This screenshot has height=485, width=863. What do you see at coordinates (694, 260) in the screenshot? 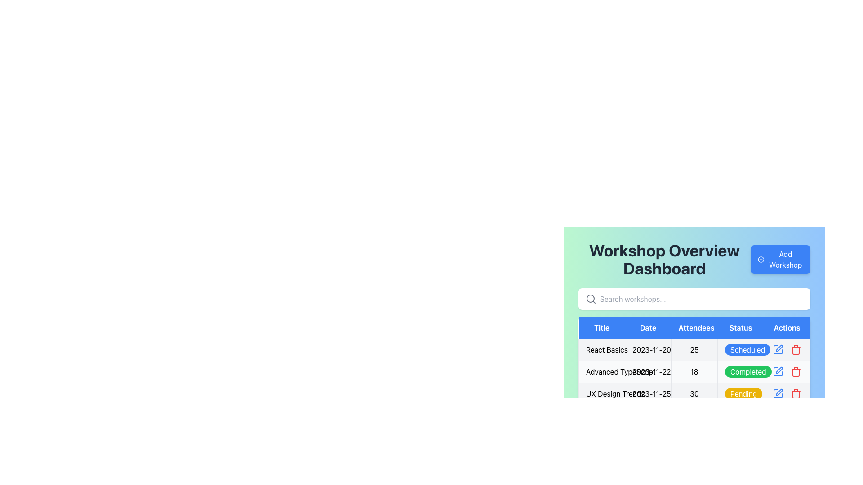
I see `the header section containing the 'Workshop Overview Dashboard' text and the 'Add Workshop' button` at bounding box center [694, 260].